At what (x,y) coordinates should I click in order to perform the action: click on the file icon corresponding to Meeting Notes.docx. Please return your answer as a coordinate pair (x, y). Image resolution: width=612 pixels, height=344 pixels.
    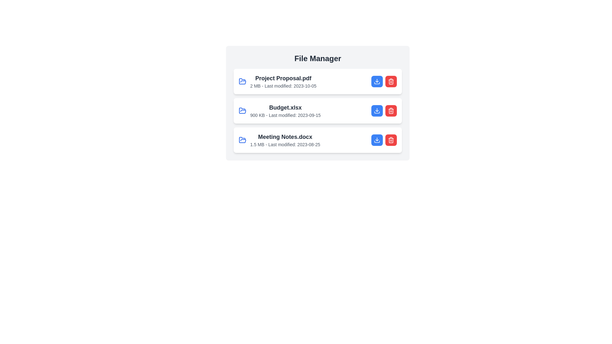
    Looking at the image, I should click on (242, 140).